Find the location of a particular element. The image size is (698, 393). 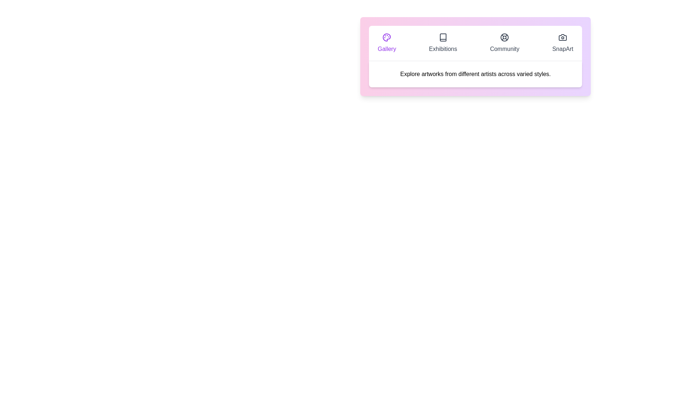

the tab labeled SnapArt to display its content is located at coordinates (562, 43).